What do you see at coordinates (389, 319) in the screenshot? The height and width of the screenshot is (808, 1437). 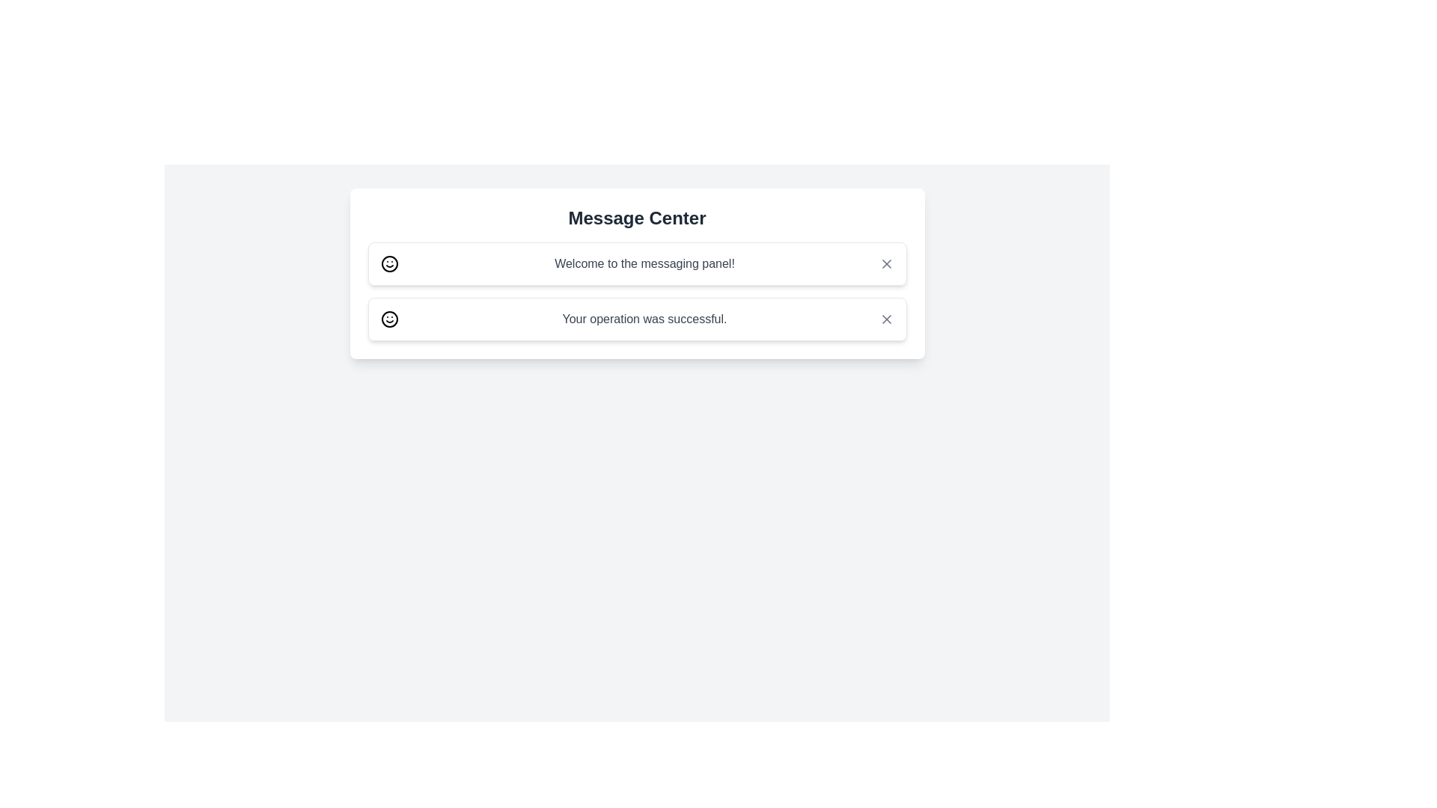 I see `the green smiley icon that represents a cheerful face, located to the left of the text 'Your operation was successful.' in the lower notification card of the 'Message Center' panel` at bounding box center [389, 319].